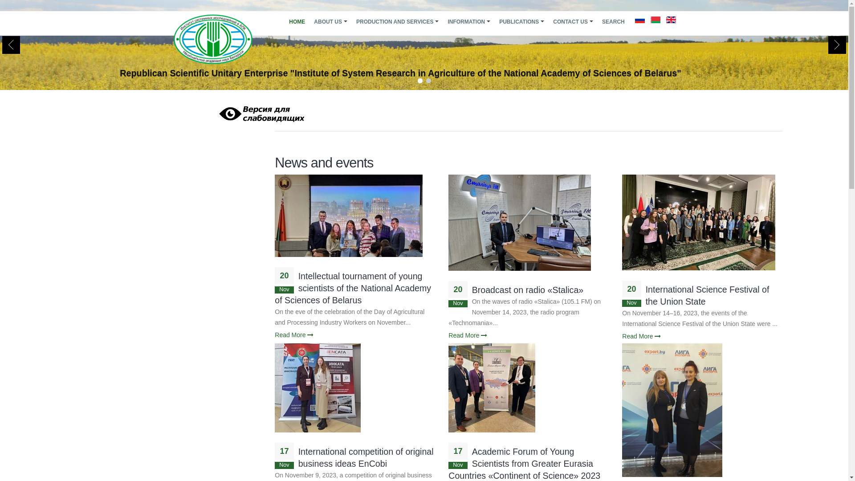 This screenshot has height=481, width=855. What do you see at coordinates (260, 113) in the screenshot?
I see `'Visually impaired site version'` at bounding box center [260, 113].